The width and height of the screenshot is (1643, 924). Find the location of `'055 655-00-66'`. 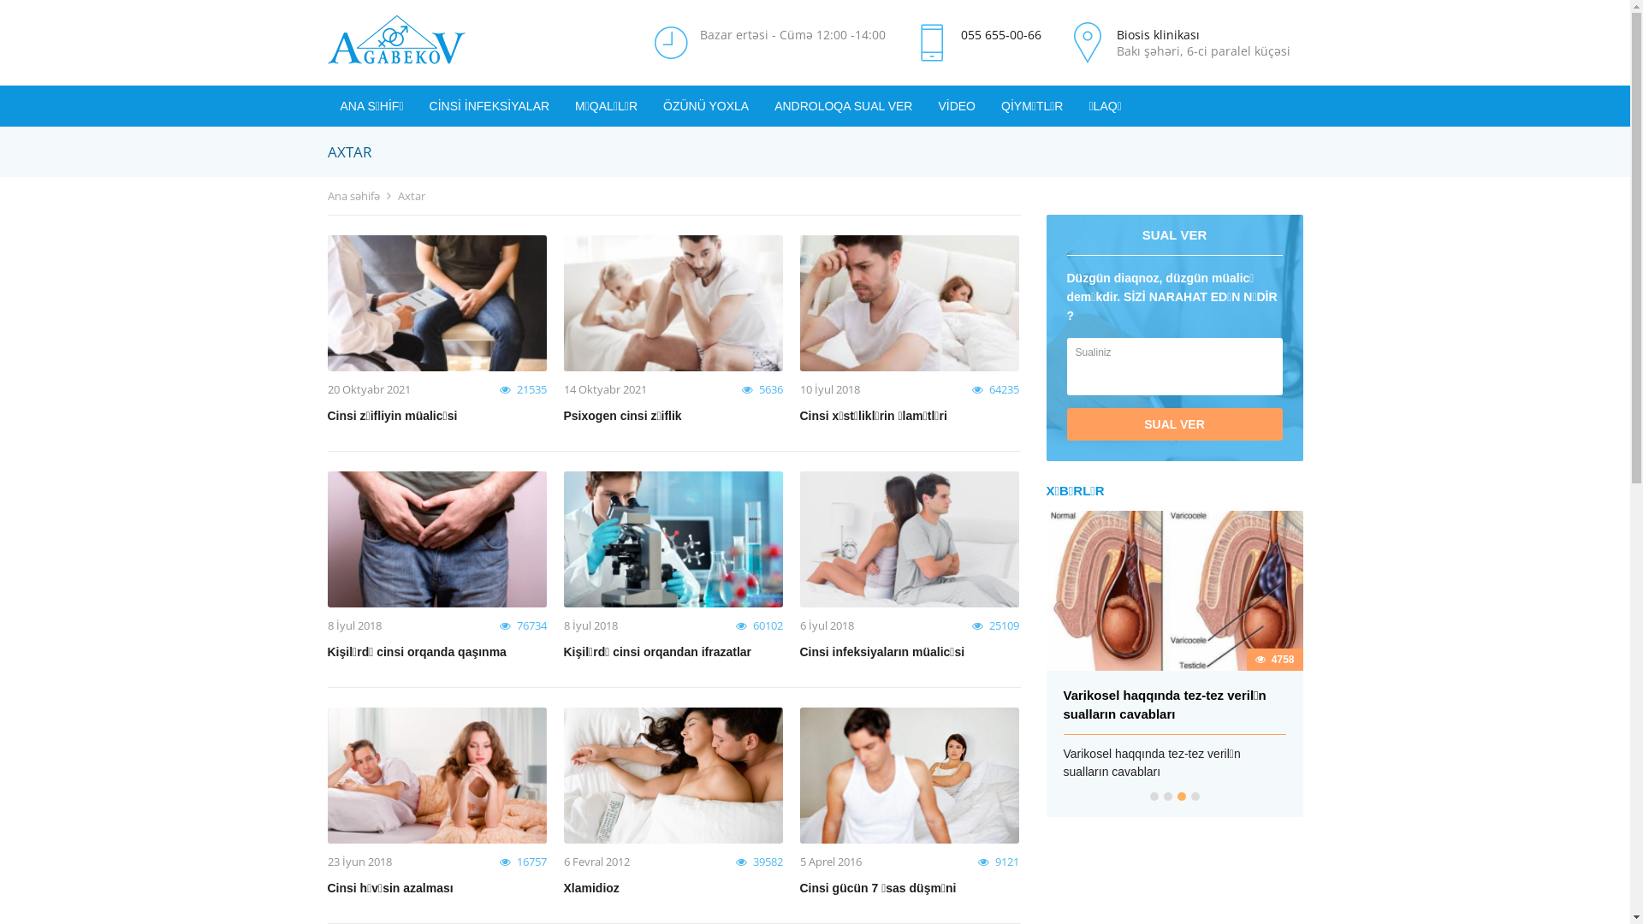

'055 655-00-66' is located at coordinates (1000, 34).